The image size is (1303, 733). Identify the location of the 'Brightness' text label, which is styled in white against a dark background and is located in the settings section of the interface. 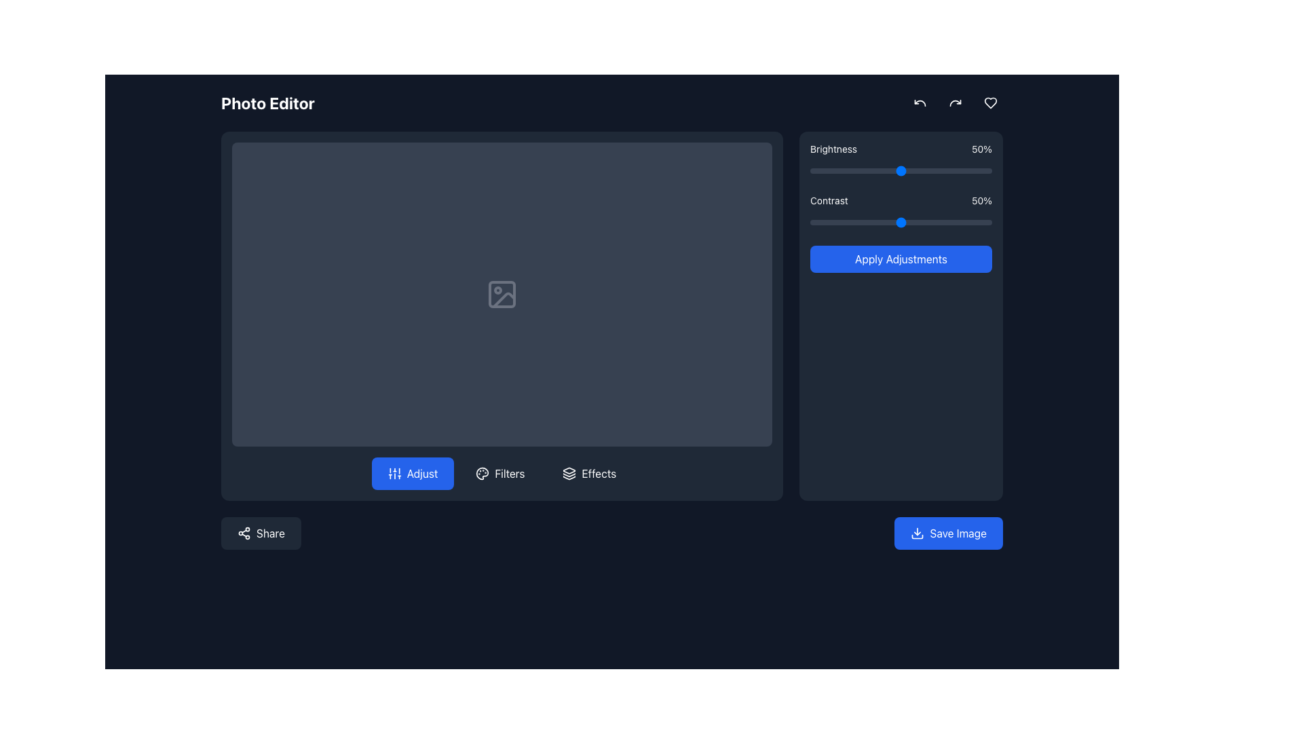
(833, 149).